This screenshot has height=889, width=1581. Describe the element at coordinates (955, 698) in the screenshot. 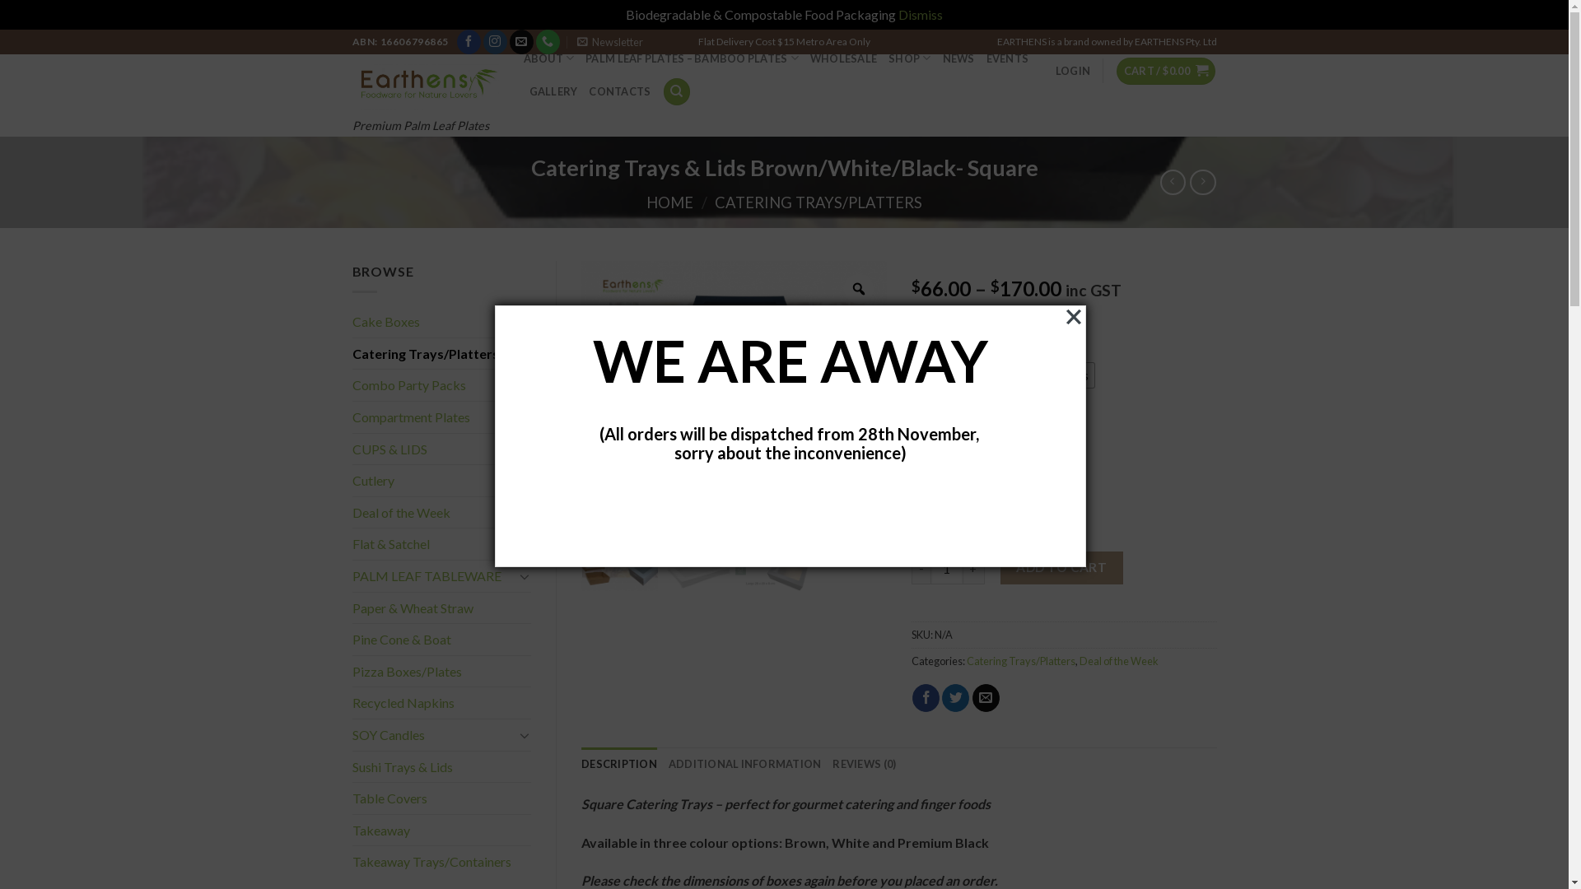

I see `'Share on Twitter'` at that location.